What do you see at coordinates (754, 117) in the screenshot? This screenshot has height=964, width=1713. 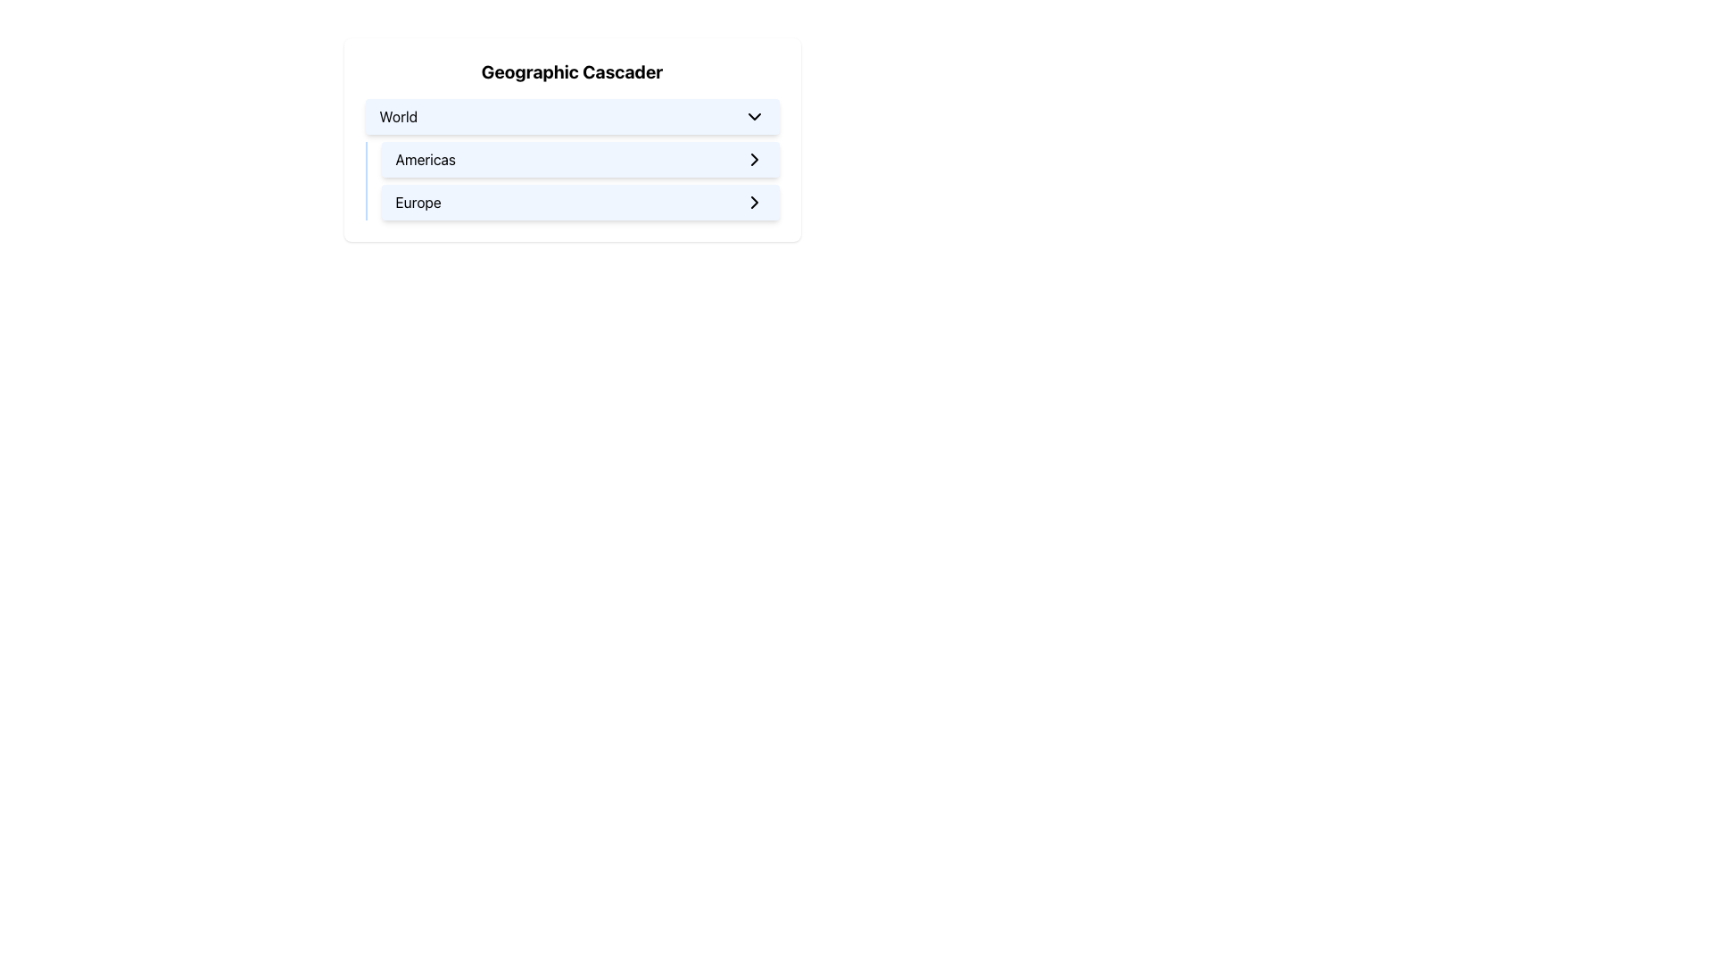 I see `the downward-pointing chevron icon button within the 'World' menu using keyboard navigation` at bounding box center [754, 117].